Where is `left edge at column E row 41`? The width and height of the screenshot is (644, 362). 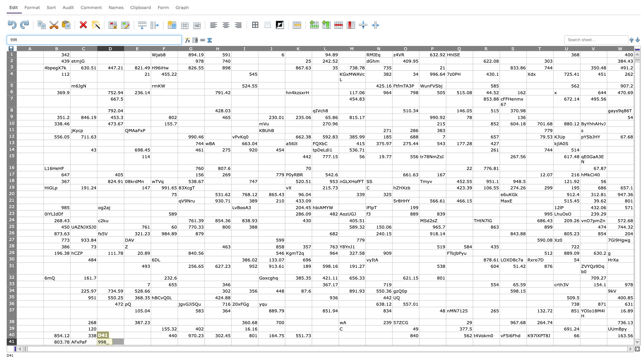 left edge at column E row 41 is located at coordinates (124, 342).